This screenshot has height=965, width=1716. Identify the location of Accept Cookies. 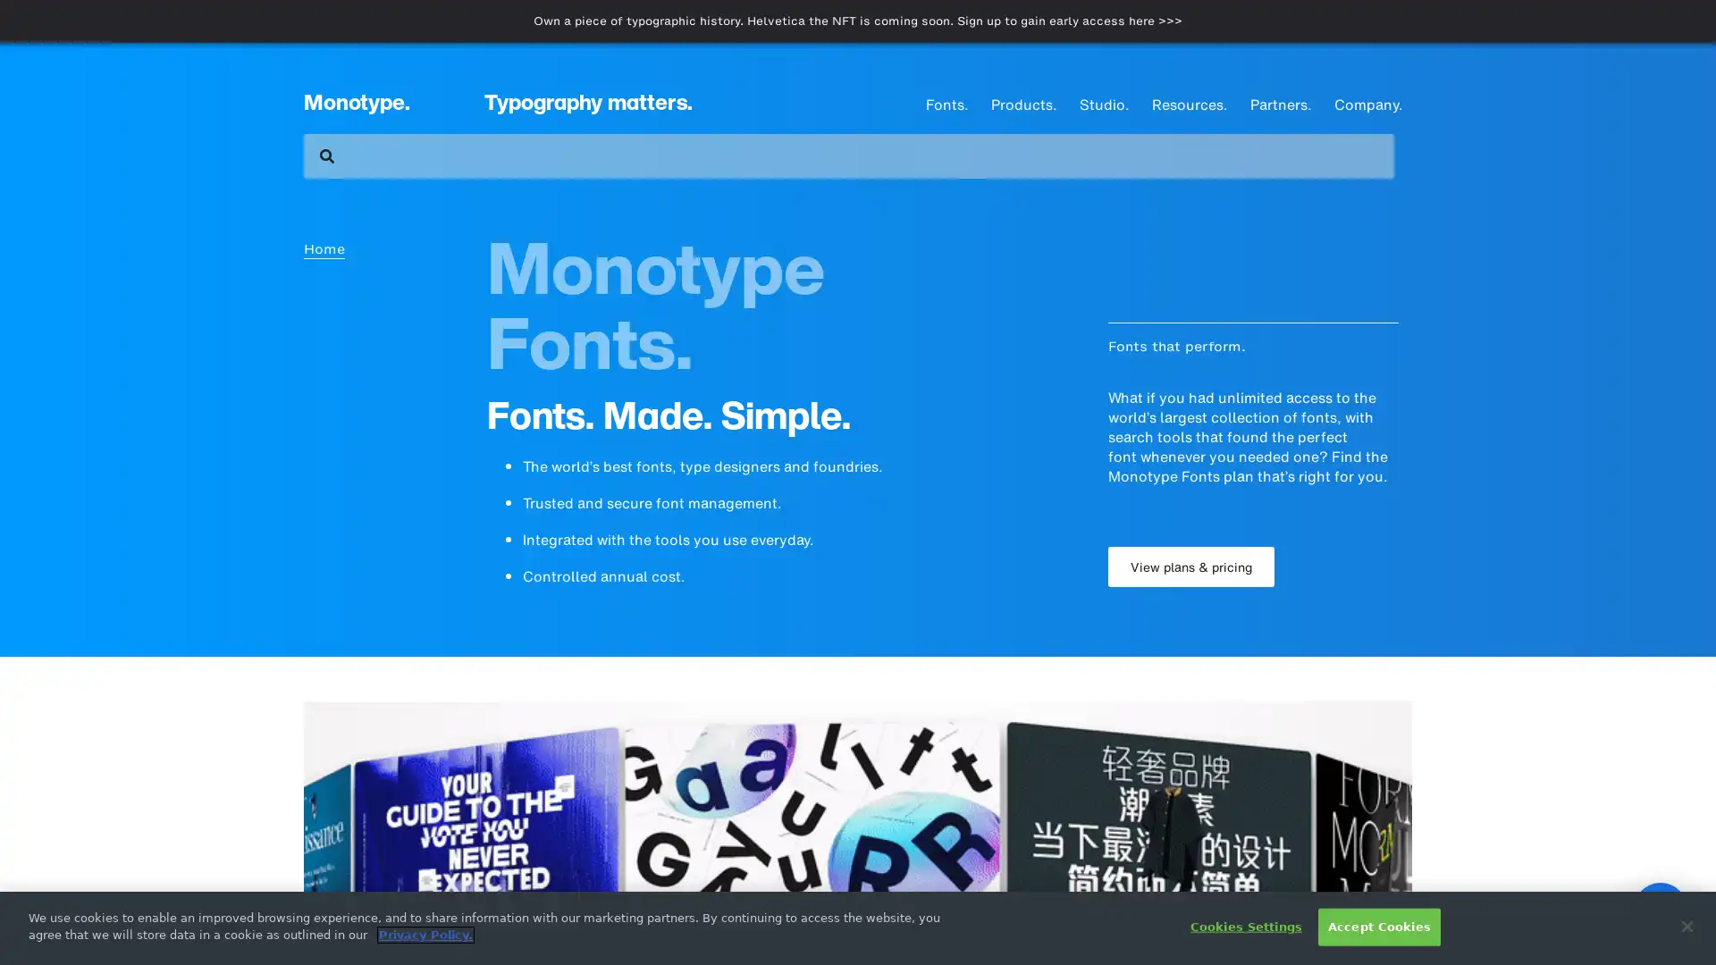
(1377, 926).